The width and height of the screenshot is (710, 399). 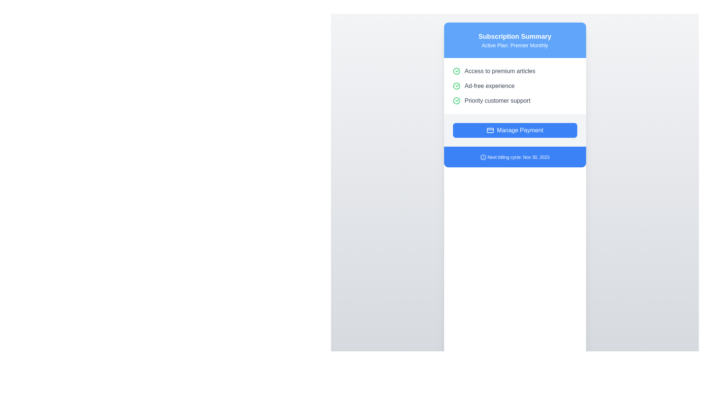 I want to click on informational text from the blue rectangular panel displaying 'Next billing cycle: Nov 30, 2023', located beneath the 'Manage Payment' button in the 'Subscription Summary' card, so click(x=514, y=156).